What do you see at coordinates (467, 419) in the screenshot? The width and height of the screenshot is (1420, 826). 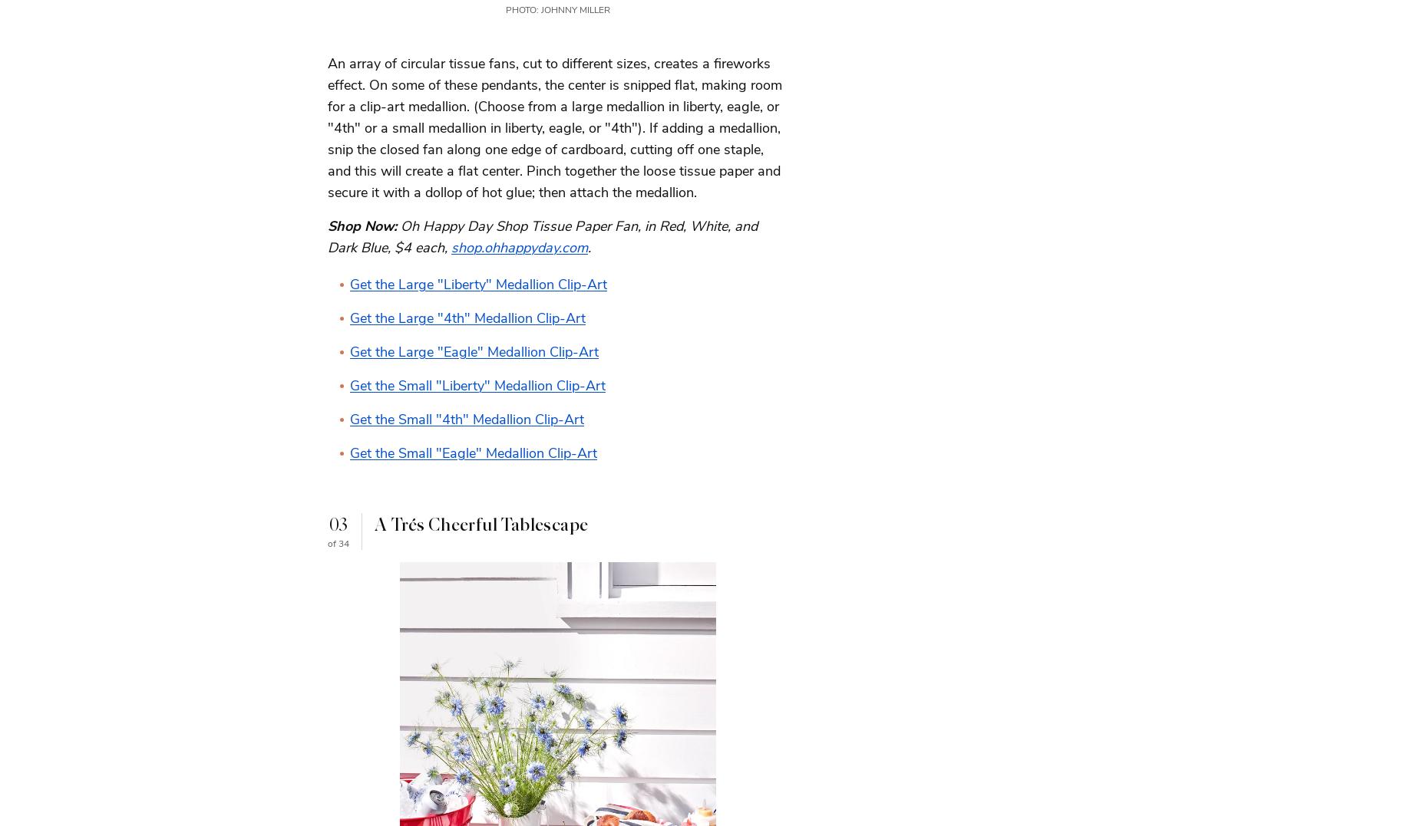 I see `'Get the Small "4th" Medallion Clip-Art'` at bounding box center [467, 419].